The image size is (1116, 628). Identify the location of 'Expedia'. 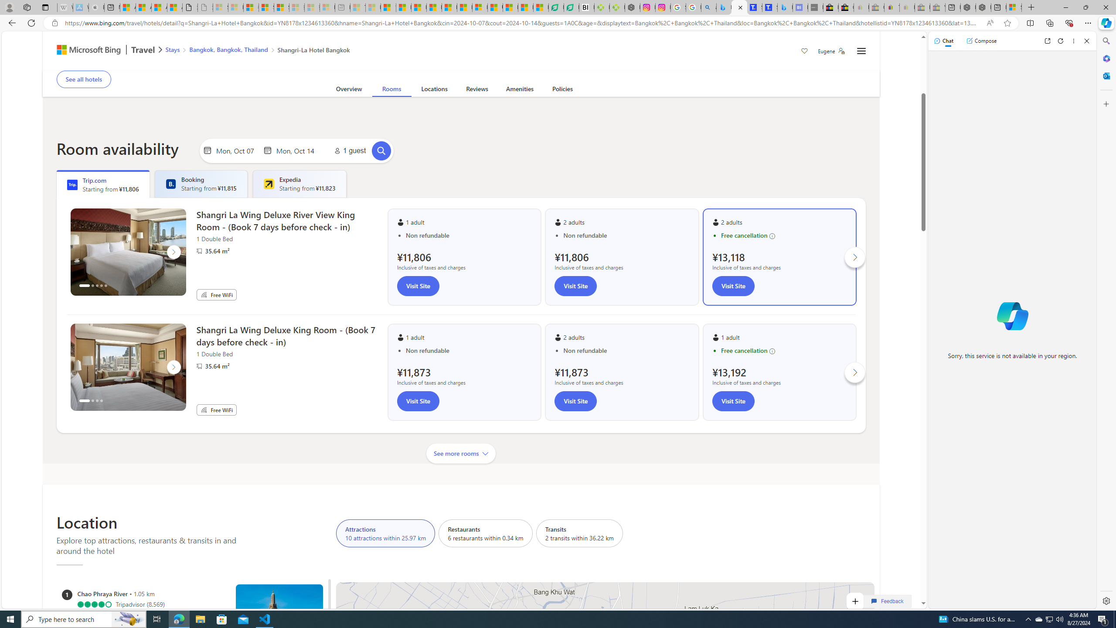
(268, 184).